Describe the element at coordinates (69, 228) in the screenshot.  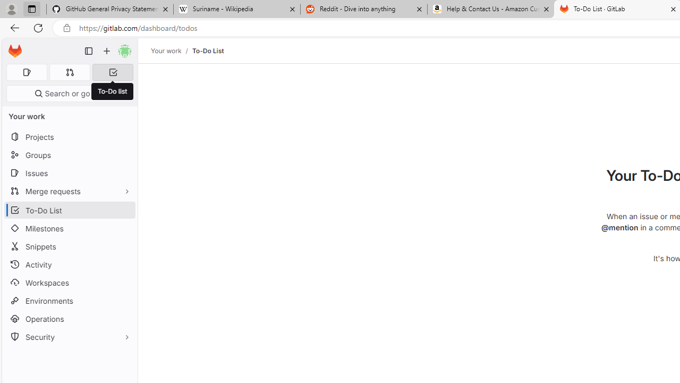
I see `'Milestones'` at that location.